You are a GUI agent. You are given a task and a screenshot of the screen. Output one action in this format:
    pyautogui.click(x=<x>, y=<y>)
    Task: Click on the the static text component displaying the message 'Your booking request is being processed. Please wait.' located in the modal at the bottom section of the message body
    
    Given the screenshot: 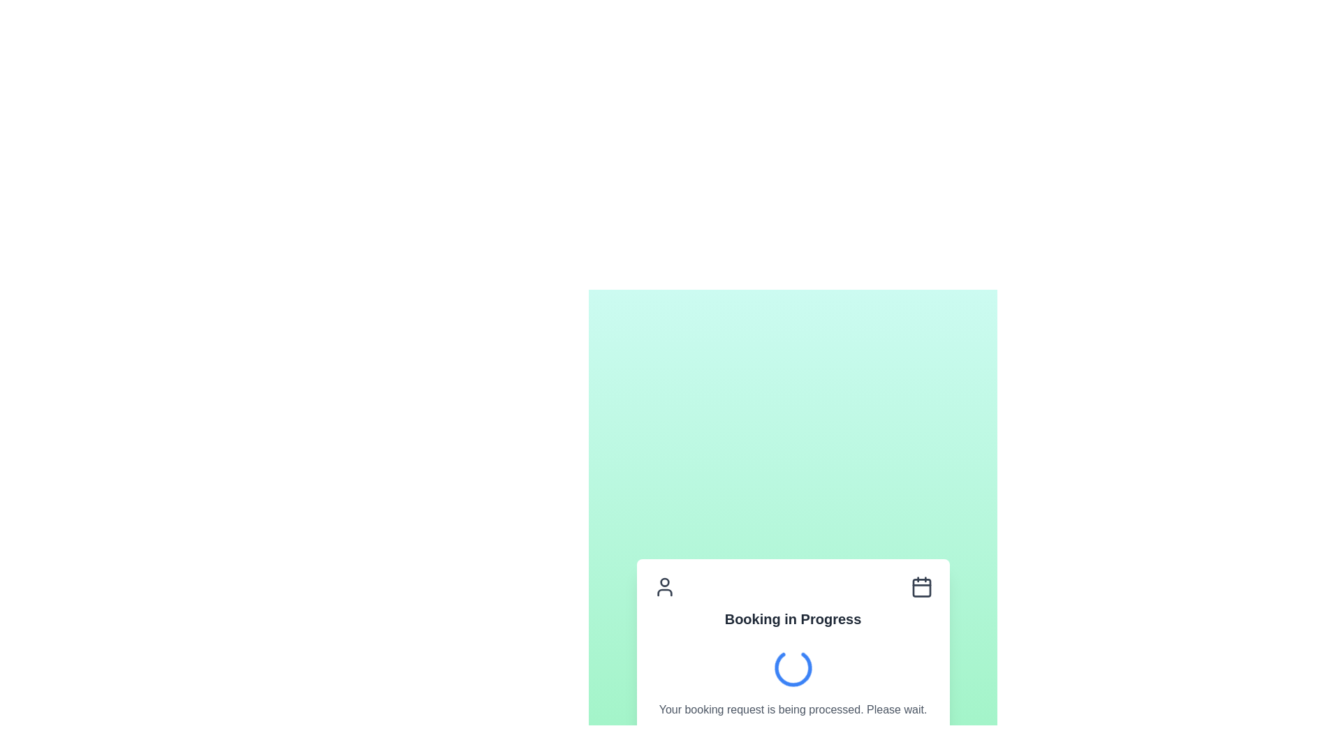 What is the action you would take?
    pyautogui.click(x=793, y=710)
    